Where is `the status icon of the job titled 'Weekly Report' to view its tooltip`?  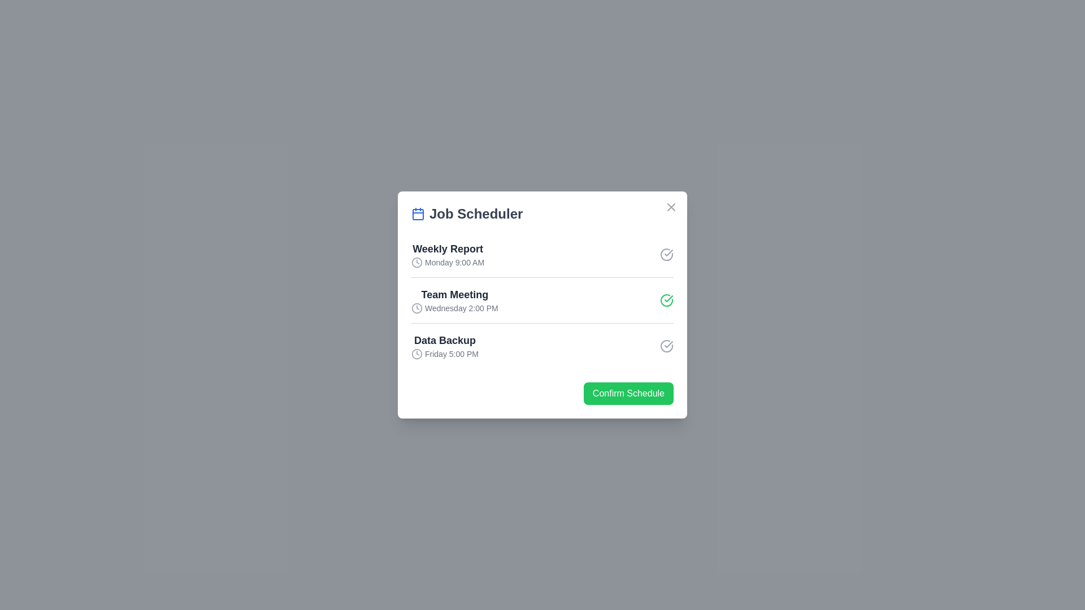 the status icon of the job titled 'Weekly Report' to view its tooltip is located at coordinates (667, 255).